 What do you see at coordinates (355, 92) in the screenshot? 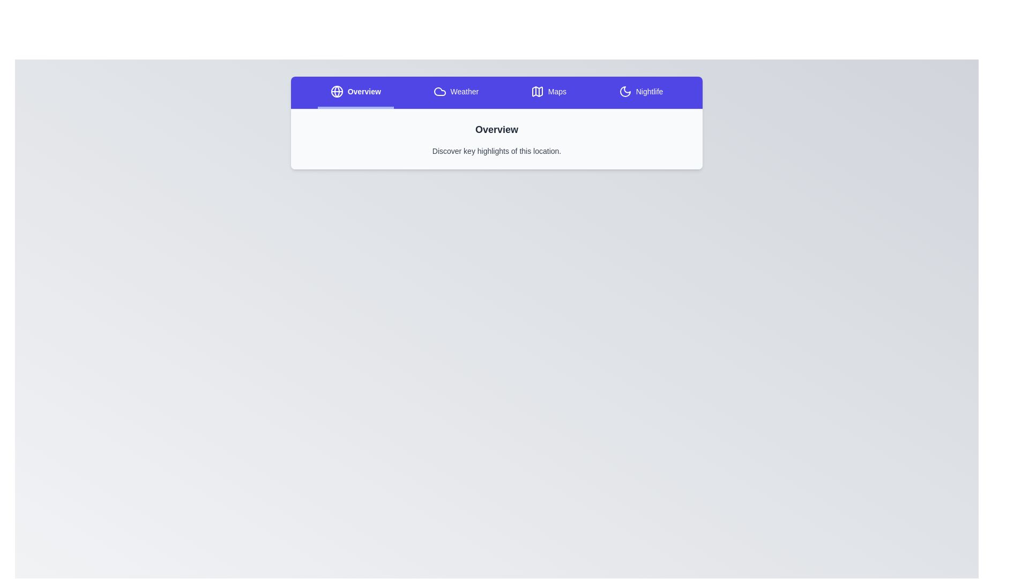
I see `the Overview tab` at bounding box center [355, 92].